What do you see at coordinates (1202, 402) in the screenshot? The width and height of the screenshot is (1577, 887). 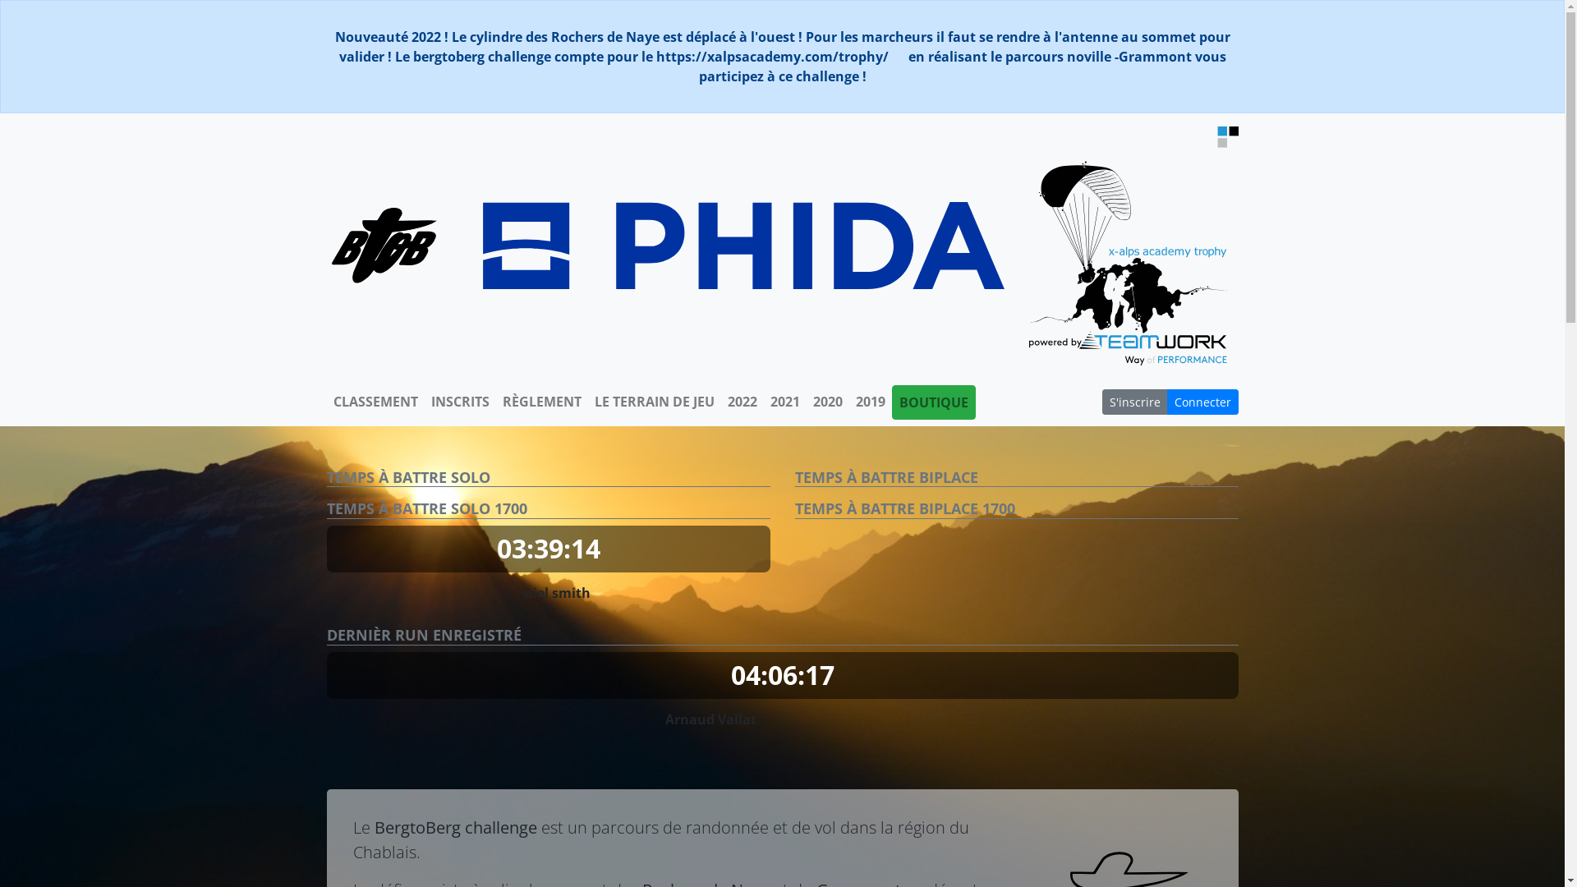 I see `'Connecter'` at bounding box center [1202, 402].